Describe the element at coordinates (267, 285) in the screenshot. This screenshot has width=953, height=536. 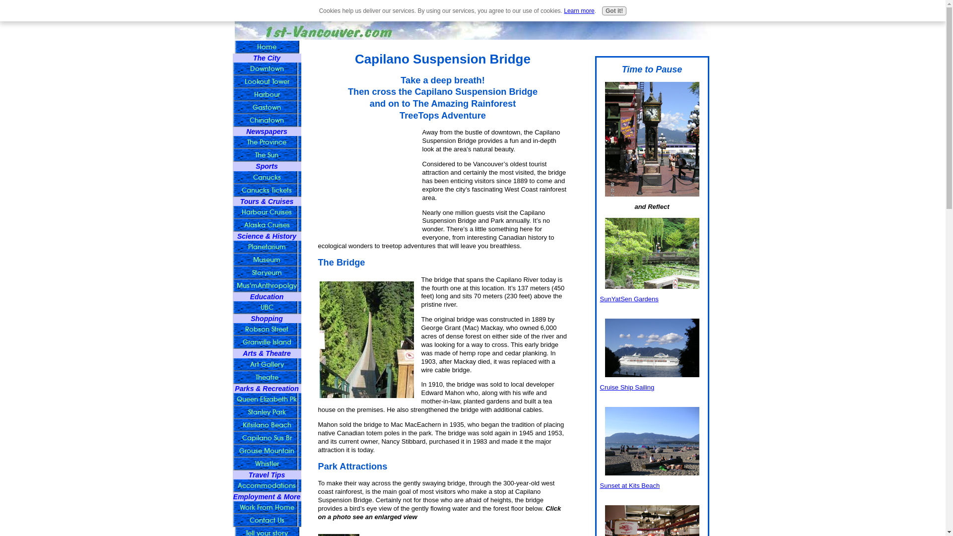
I see `'Mus'mAnthropolgy'` at that location.